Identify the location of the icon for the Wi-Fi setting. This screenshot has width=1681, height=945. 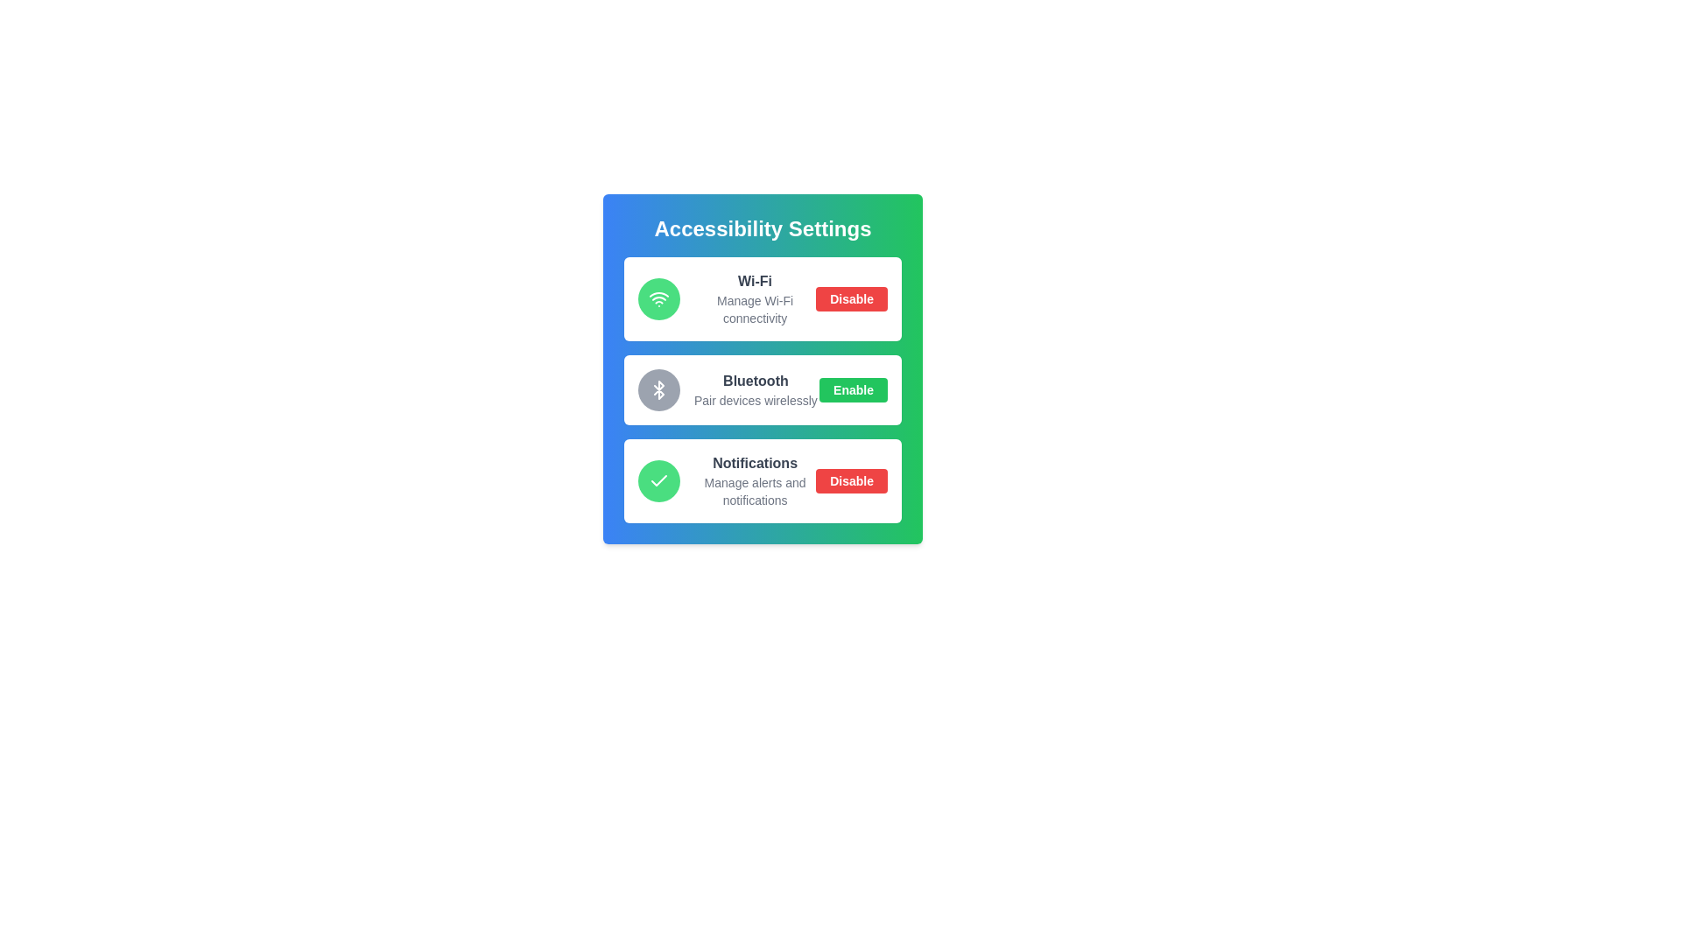
(658, 298).